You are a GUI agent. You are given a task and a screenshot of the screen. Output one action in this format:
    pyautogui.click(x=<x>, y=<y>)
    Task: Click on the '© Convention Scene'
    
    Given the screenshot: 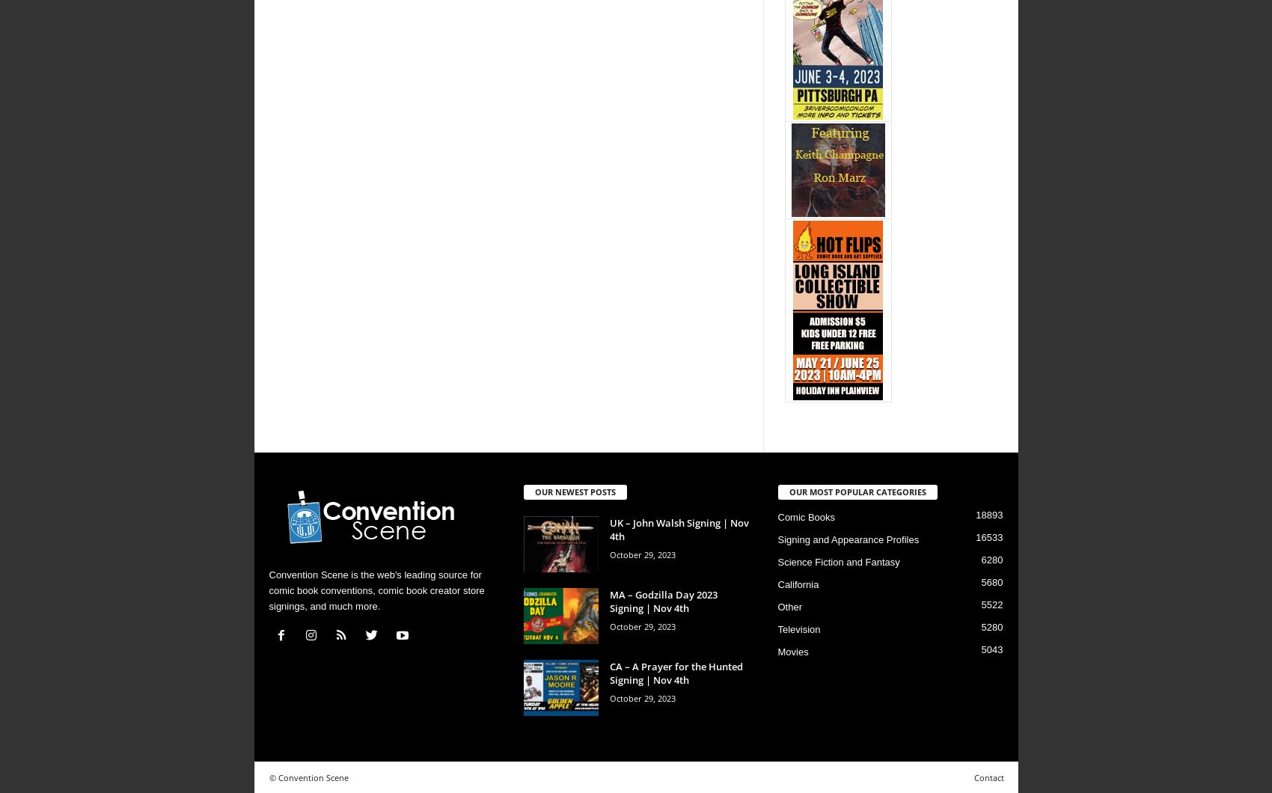 What is the action you would take?
    pyautogui.click(x=308, y=776)
    